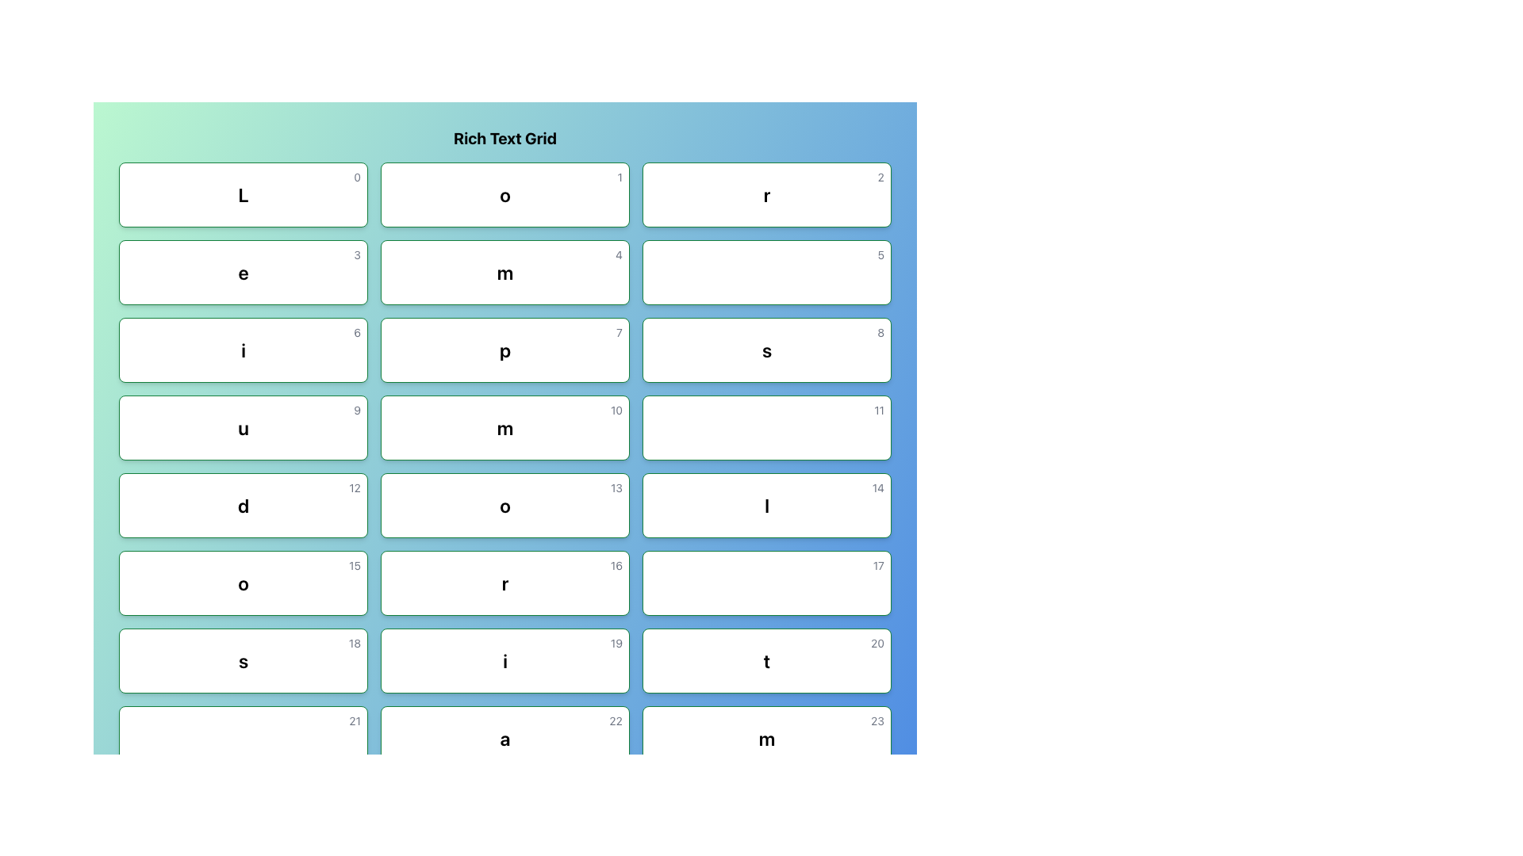  What do you see at coordinates (766, 428) in the screenshot?
I see `the button labeled '11' which is located in the fourth row and third column of the grid, next to the button labeled '10' and below the button labeled '8'` at bounding box center [766, 428].